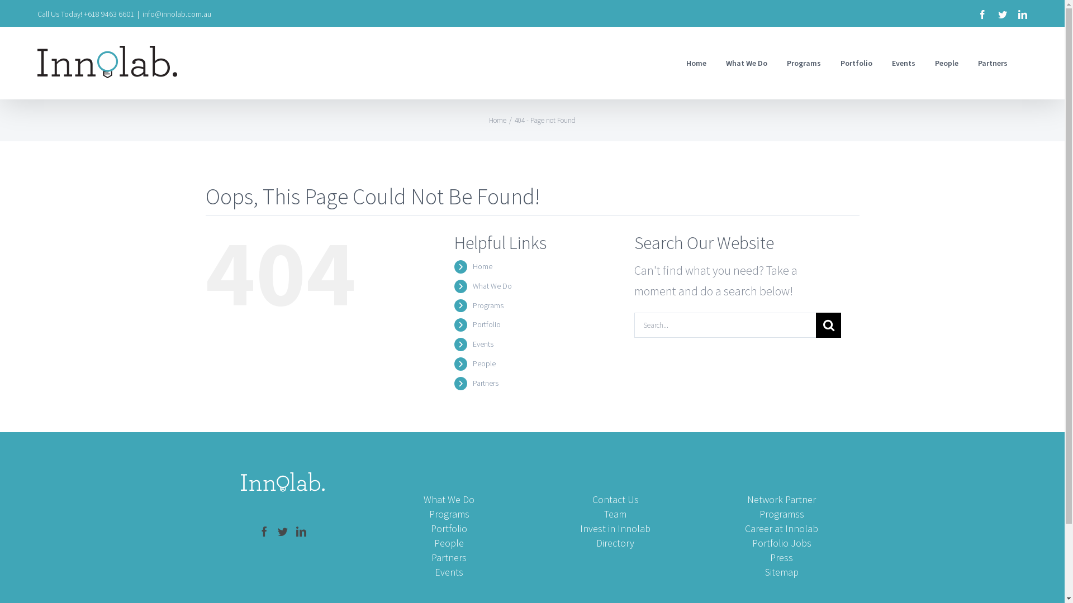  I want to click on 'Portfolio', so click(856, 63).